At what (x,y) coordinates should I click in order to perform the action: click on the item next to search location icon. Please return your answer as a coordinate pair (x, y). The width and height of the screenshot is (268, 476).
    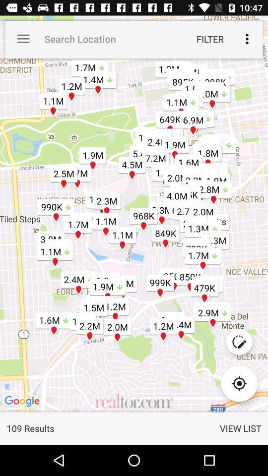
    Looking at the image, I should click on (23, 39).